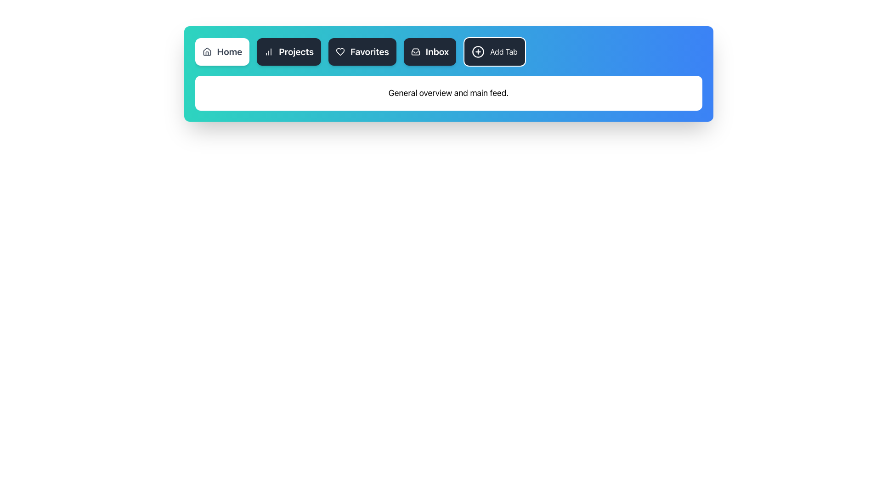  I want to click on the navigation button for 'Projects' located in the horizontal navigation bar, positioned between the 'Home' button and the 'Favorites' button, so click(288, 51).